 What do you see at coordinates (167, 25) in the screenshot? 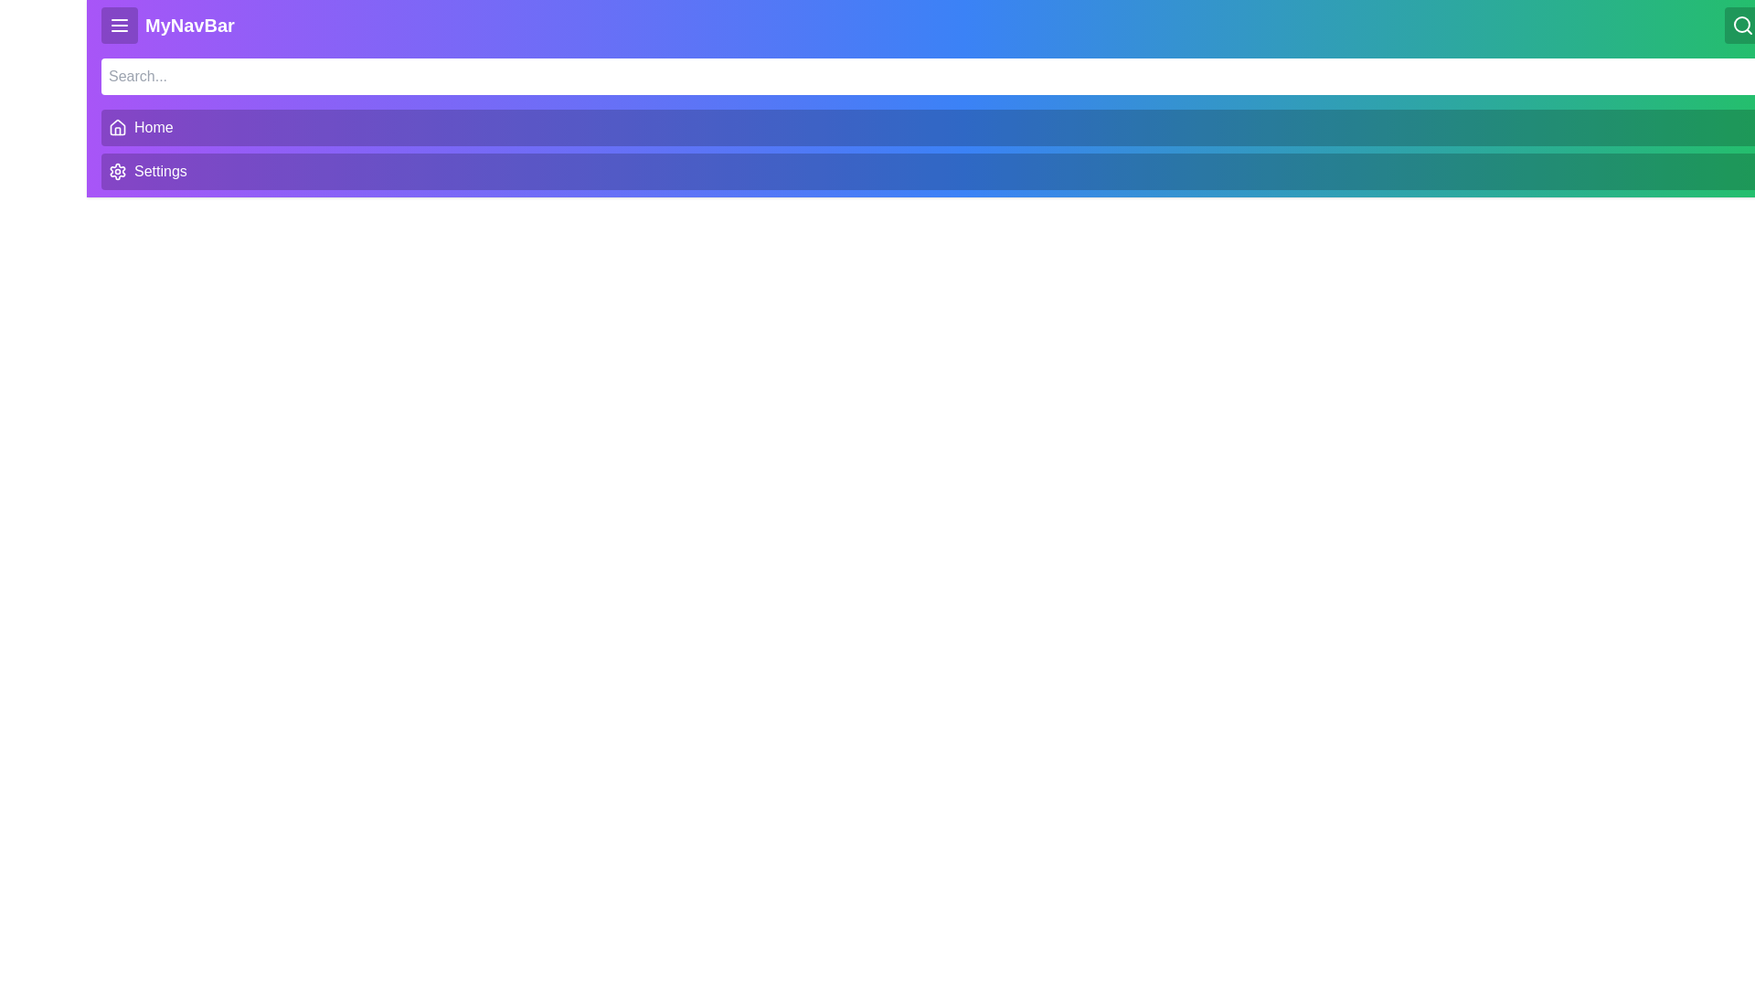
I see `the text label at the top-left corner of the application interface` at bounding box center [167, 25].